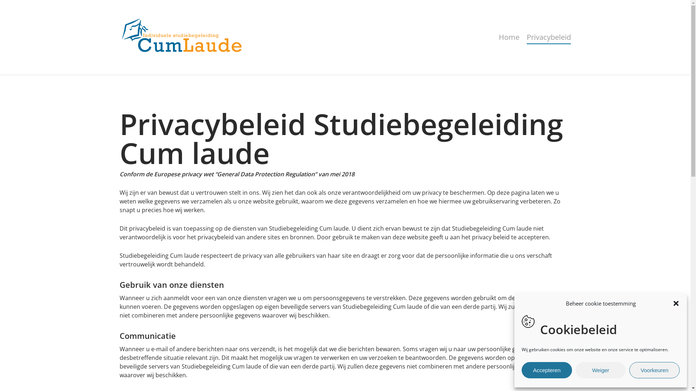 The height and width of the screenshot is (391, 696). What do you see at coordinates (654, 370) in the screenshot?
I see `'Voorkeuren'` at bounding box center [654, 370].